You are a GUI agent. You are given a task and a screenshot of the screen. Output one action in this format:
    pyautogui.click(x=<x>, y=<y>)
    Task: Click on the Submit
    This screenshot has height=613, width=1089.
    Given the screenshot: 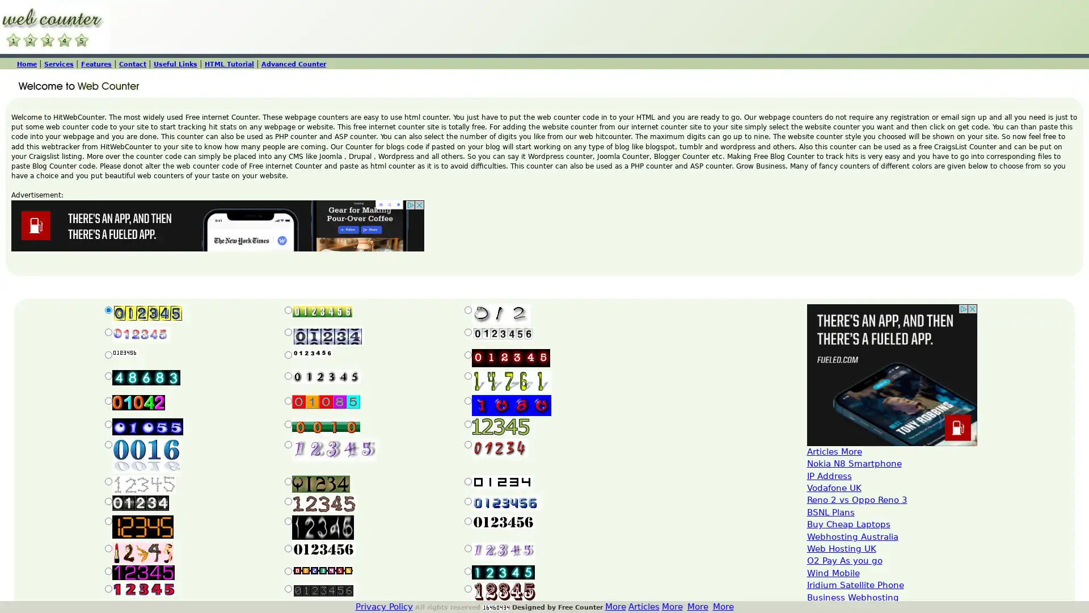 What is the action you would take?
    pyautogui.click(x=325, y=376)
    